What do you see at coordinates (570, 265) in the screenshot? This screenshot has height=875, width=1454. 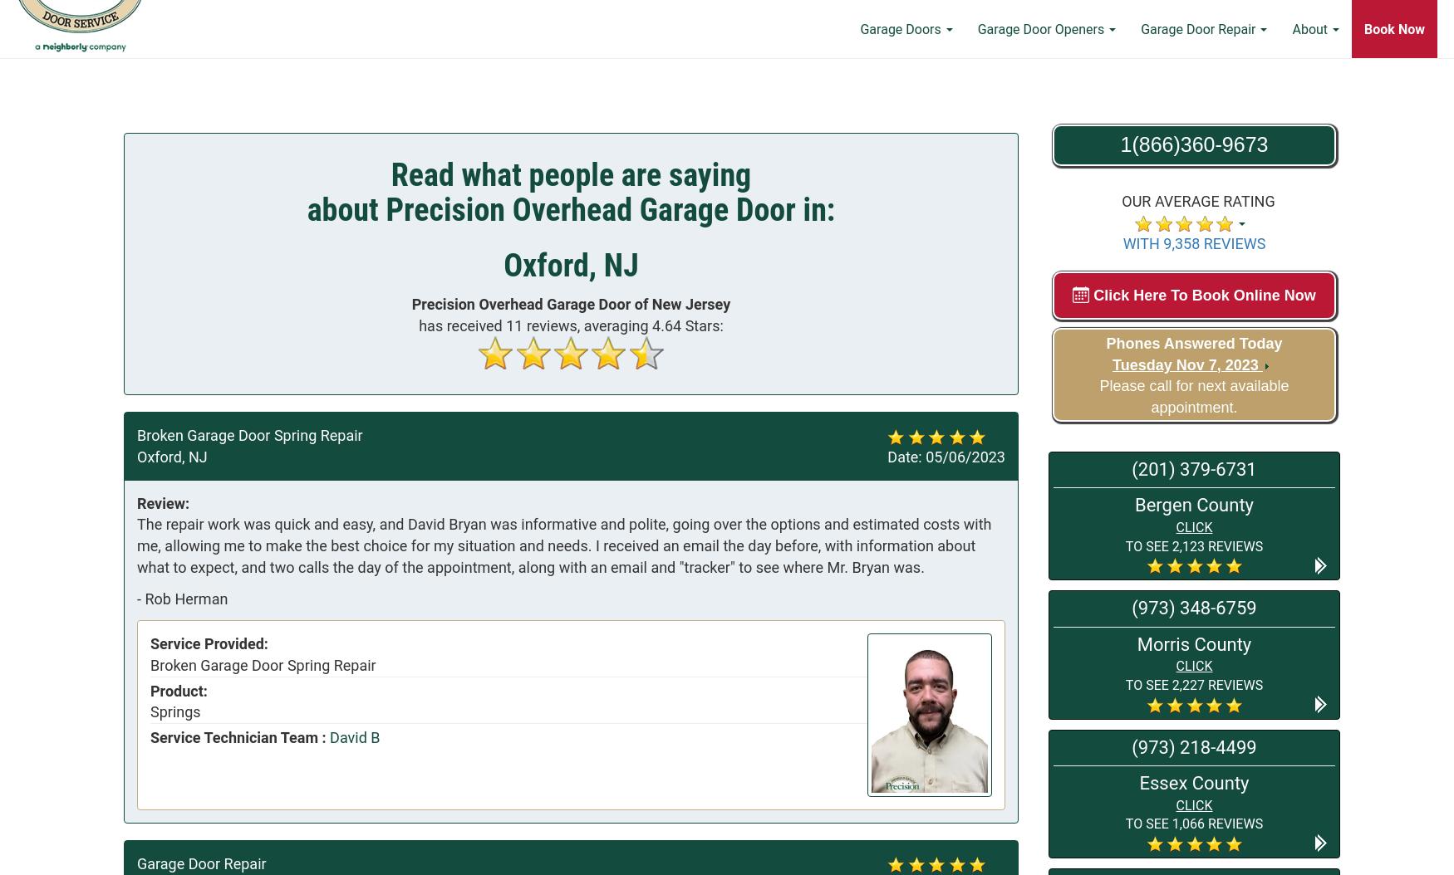 I see `'Oxford, NJ'` at bounding box center [570, 265].